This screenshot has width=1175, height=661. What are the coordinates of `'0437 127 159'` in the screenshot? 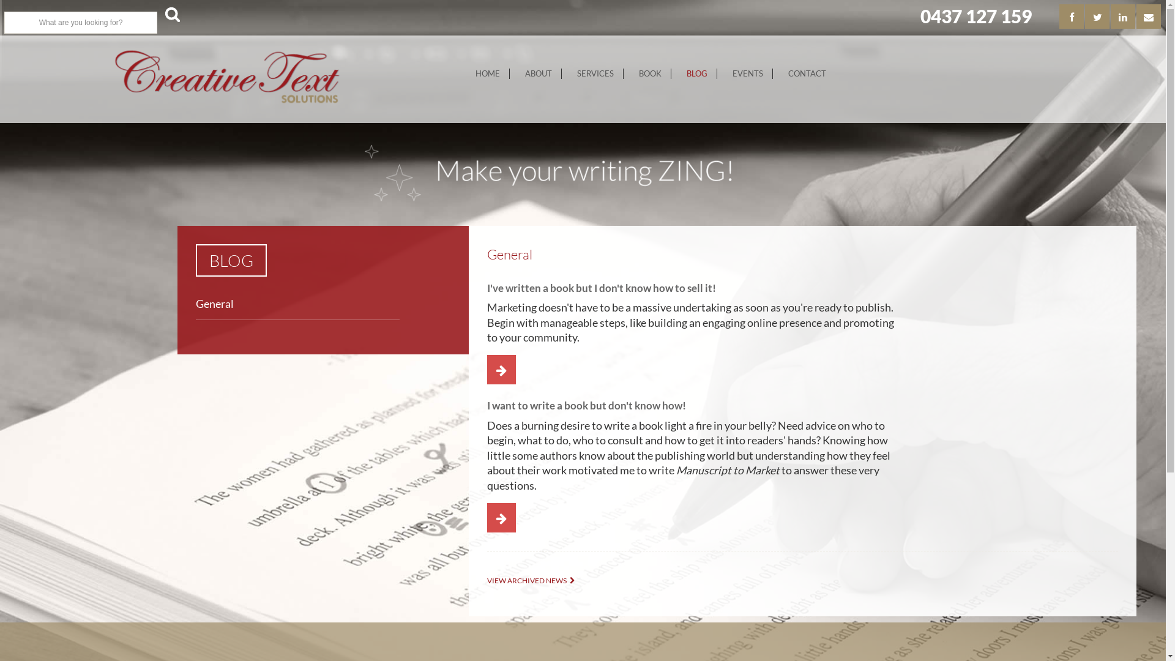 It's located at (975, 16).